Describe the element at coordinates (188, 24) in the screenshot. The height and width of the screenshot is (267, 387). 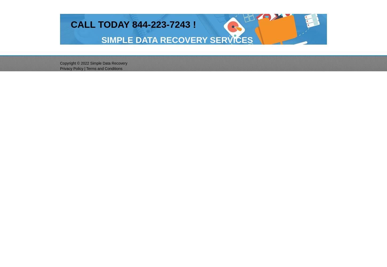
I see `'3'` at that location.